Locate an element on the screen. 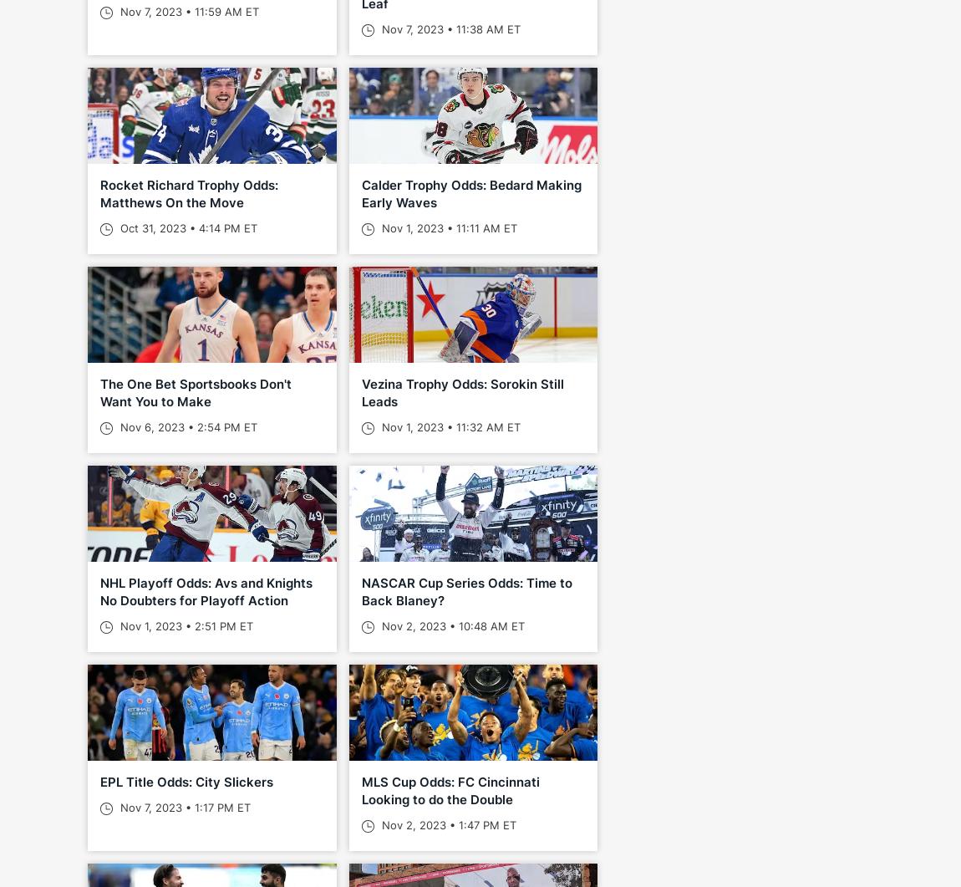 Image resolution: width=961 pixels, height=887 pixels. 'Nov 1, 2023 • 11:11 AM ET' is located at coordinates (446, 227).